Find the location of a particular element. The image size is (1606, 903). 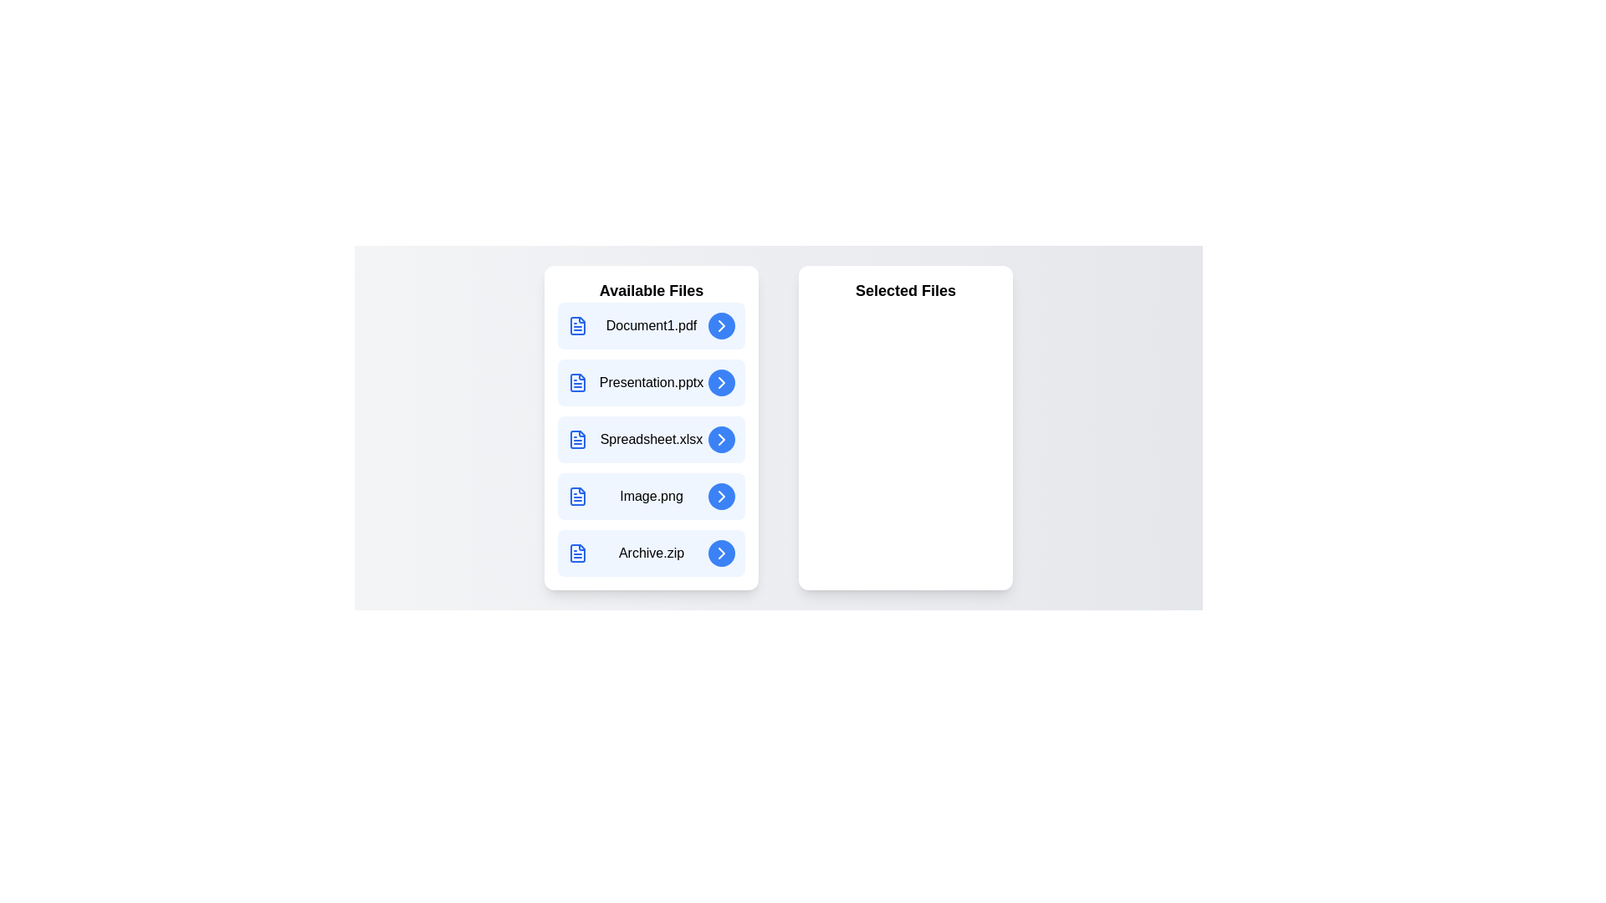

right arrow button next to the file Archive.zip in the 'Available Files' list to assign it to the 'Selected Files' list is located at coordinates (722, 554).